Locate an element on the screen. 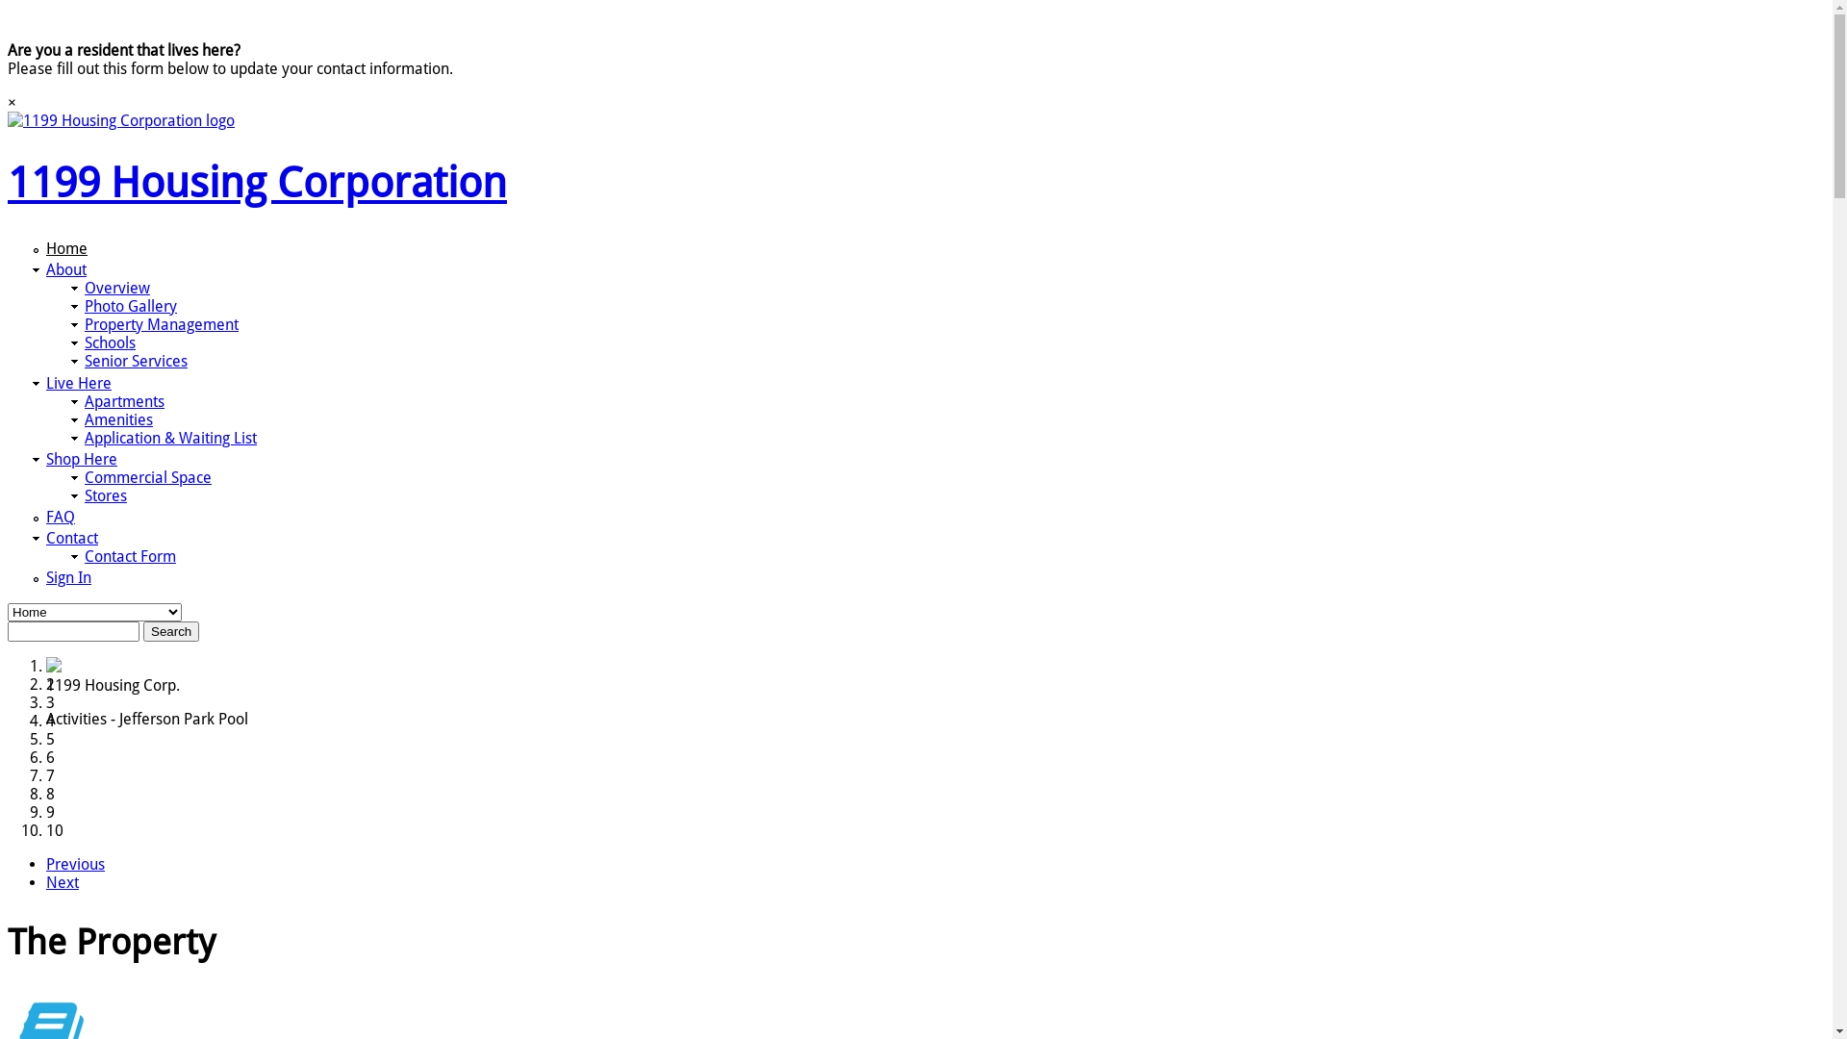 The height and width of the screenshot is (1039, 1847). 'Live Here' is located at coordinates (77, 382).